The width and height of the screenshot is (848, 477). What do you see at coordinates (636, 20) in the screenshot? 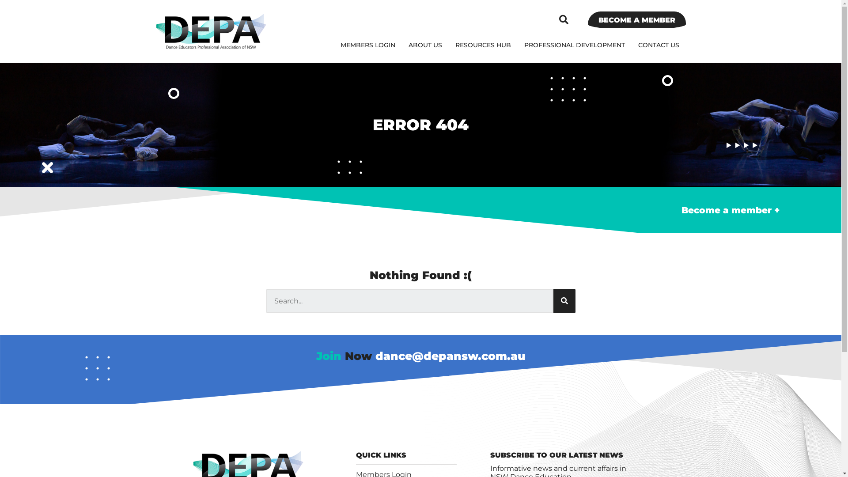
I see `'BECOME A MEMBER'` at bounding box center [636, 20].